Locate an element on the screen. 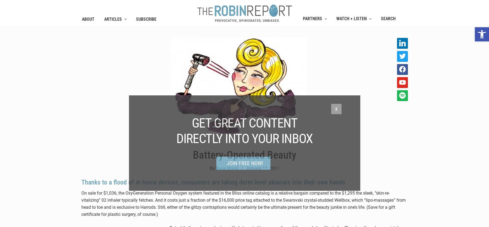  'ABOUT' is located at coordinates (88, 19).